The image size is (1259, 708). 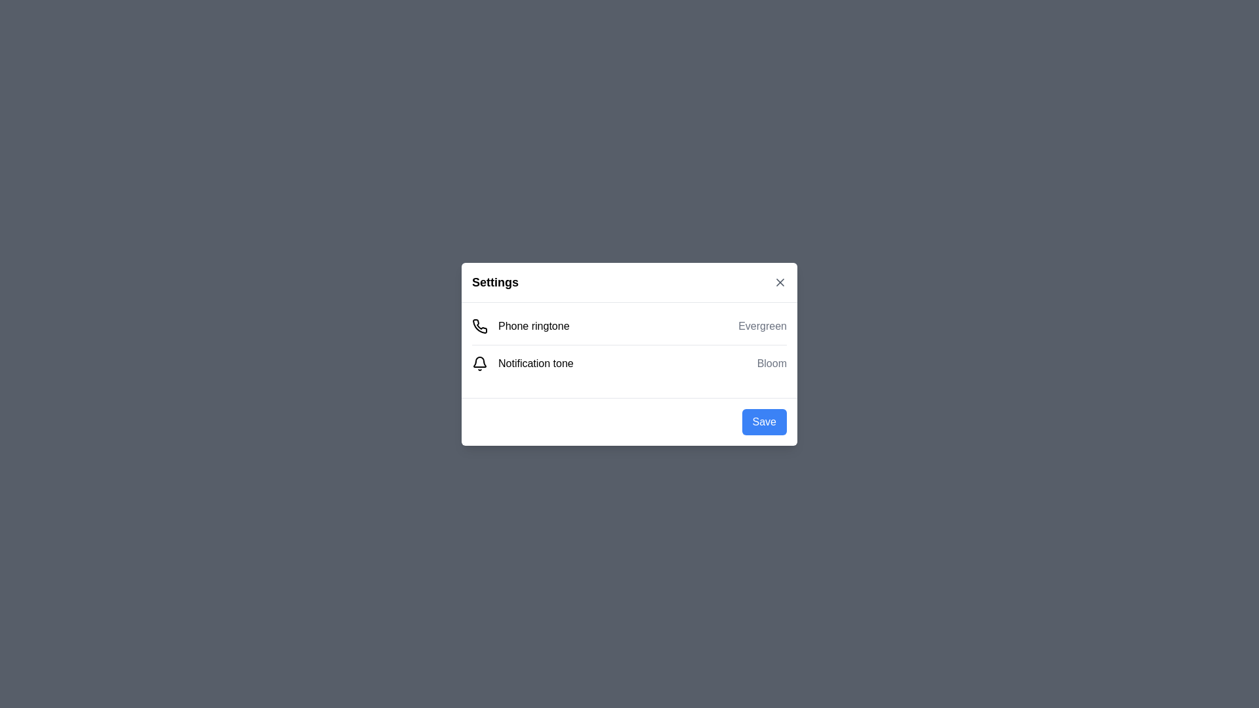 What do you see at coordinates (629, 349) in the screenshot?
I see `and drop the rows labeled 'Phone ringtone' and 'Notification tone' in the Settings section for ringtones and notification tones` at bounding box center [629, 349].